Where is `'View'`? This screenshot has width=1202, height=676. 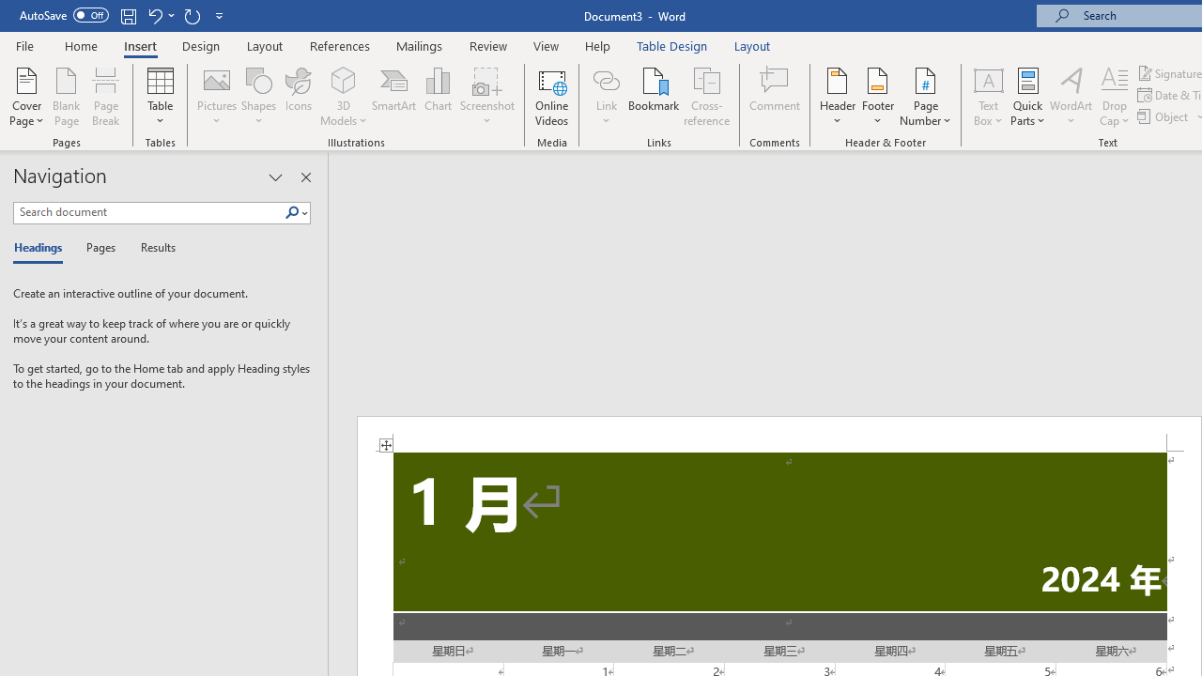 'View' is located at coordinates (546, 45).